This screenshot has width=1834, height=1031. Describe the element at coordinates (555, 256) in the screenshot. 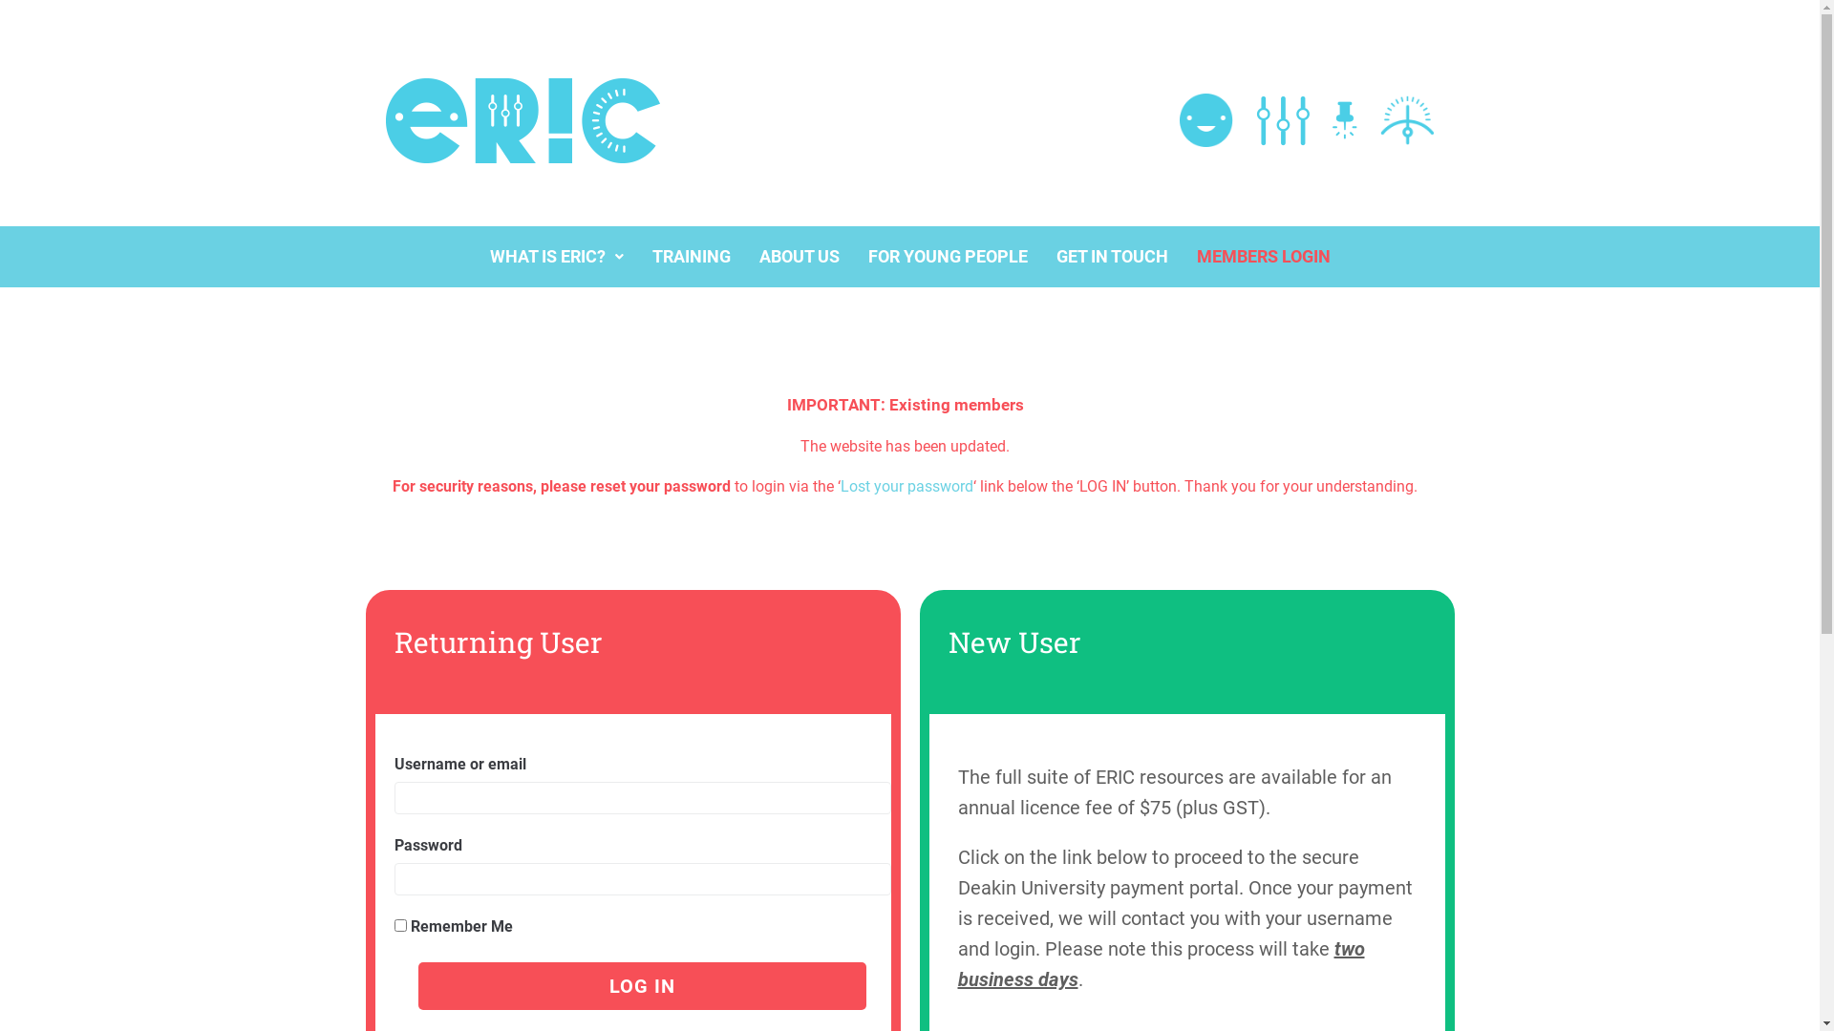

I see `'WHAT IS ERIC?'` at that location.